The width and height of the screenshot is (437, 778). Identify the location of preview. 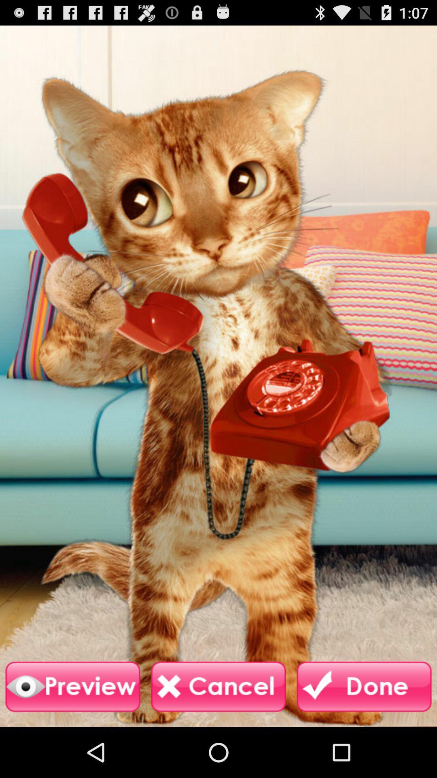
(73, 686).